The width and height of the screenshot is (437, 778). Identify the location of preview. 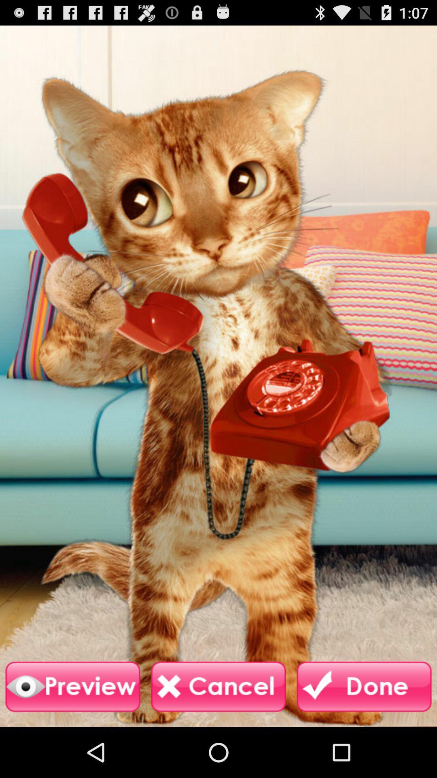
(73, 686).